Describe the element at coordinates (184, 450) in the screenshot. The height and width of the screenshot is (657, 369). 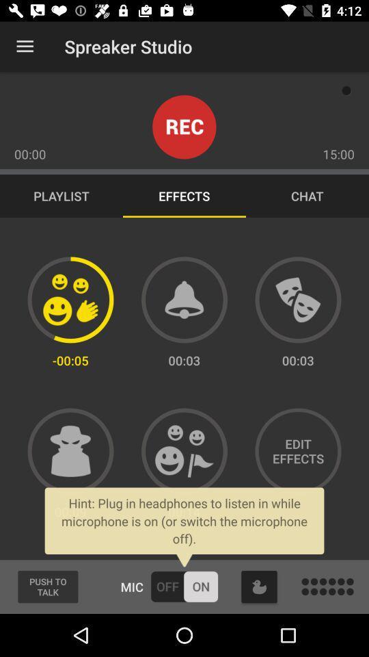
I see `the effect` at that location.